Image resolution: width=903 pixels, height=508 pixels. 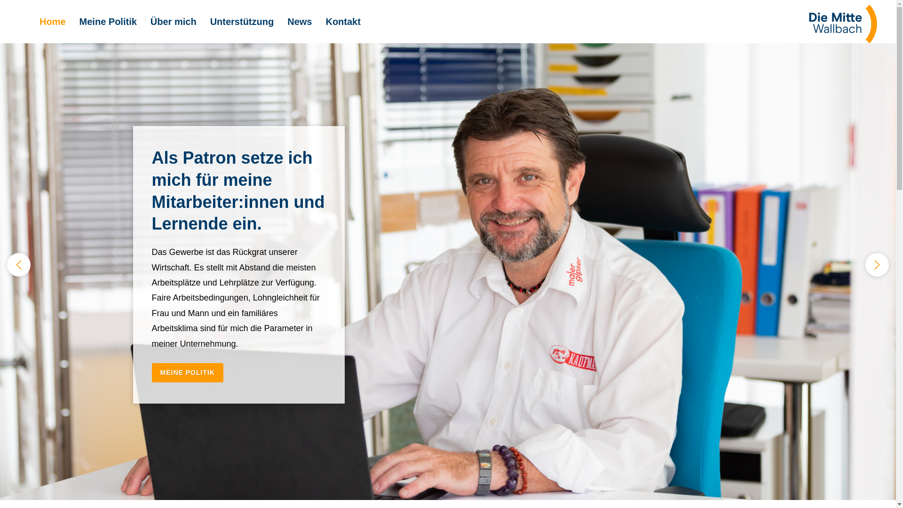 What do you see at coordinates (808, 23) in the screenshot?
I see `'Logo_RGB_Die_Mitte_Wallbach_120angepasst'` at bounding box center [808, 23].